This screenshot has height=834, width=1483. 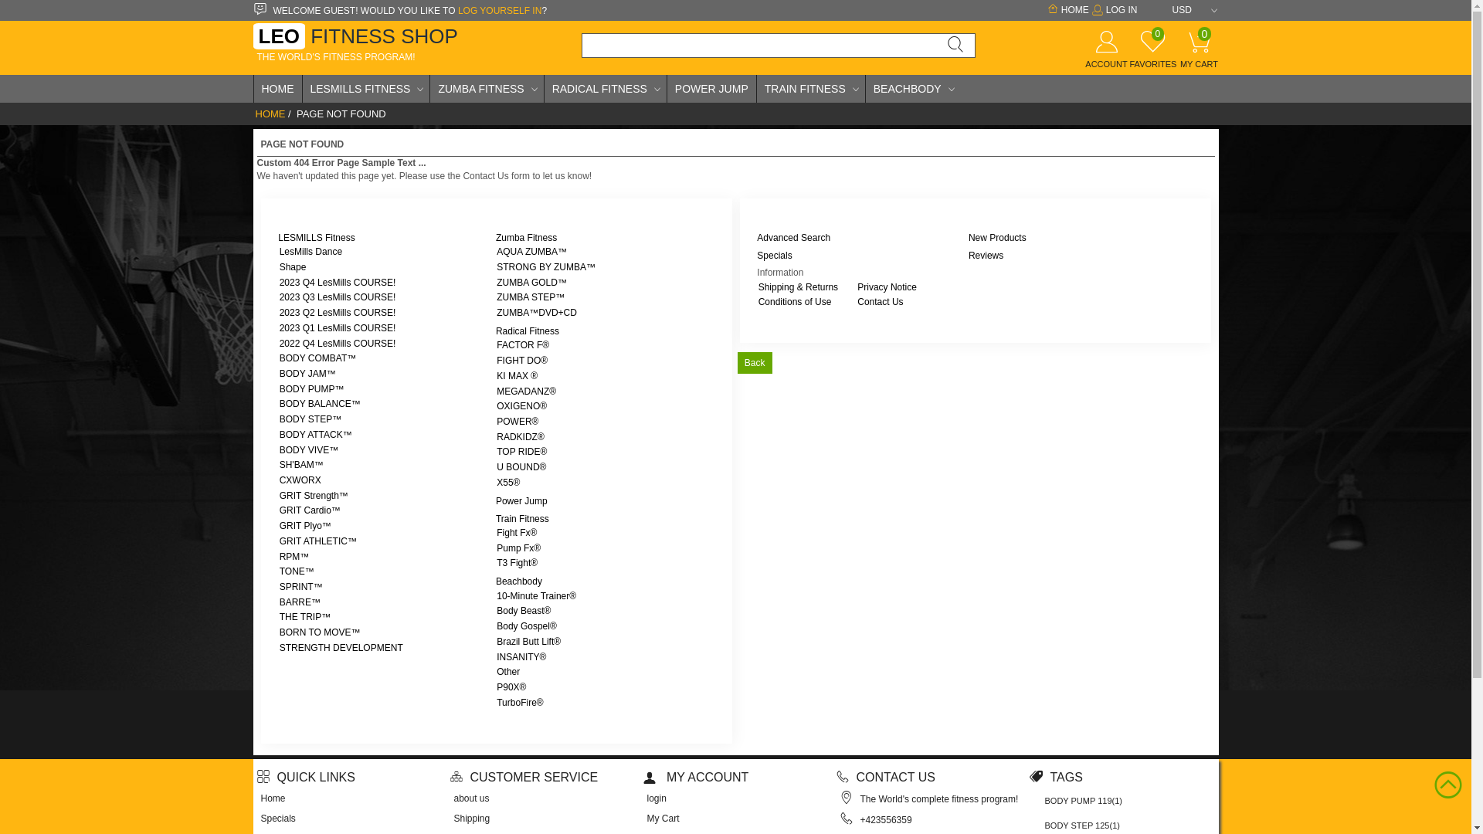 What do you see at coordinates (315, 238) in the screenshot?
I see `'LESMILLS Fitness'` at bounding box center [315, 238].